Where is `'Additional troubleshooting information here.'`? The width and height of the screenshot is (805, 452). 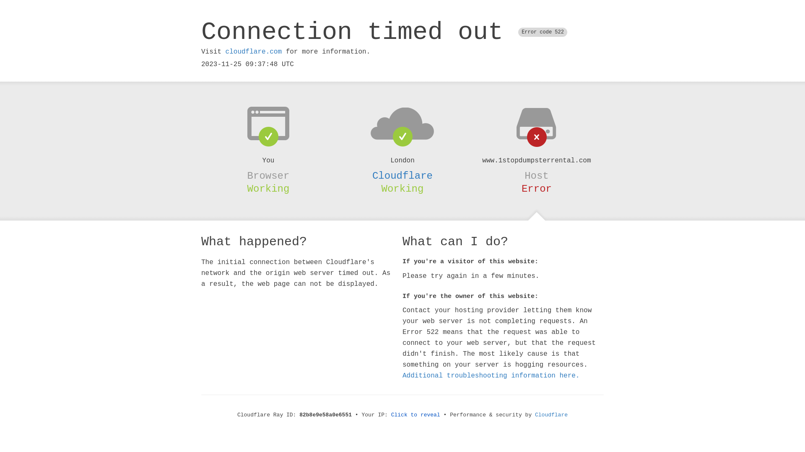 'Additional troubleshooting information here.' is located at coordinates (402, 375).